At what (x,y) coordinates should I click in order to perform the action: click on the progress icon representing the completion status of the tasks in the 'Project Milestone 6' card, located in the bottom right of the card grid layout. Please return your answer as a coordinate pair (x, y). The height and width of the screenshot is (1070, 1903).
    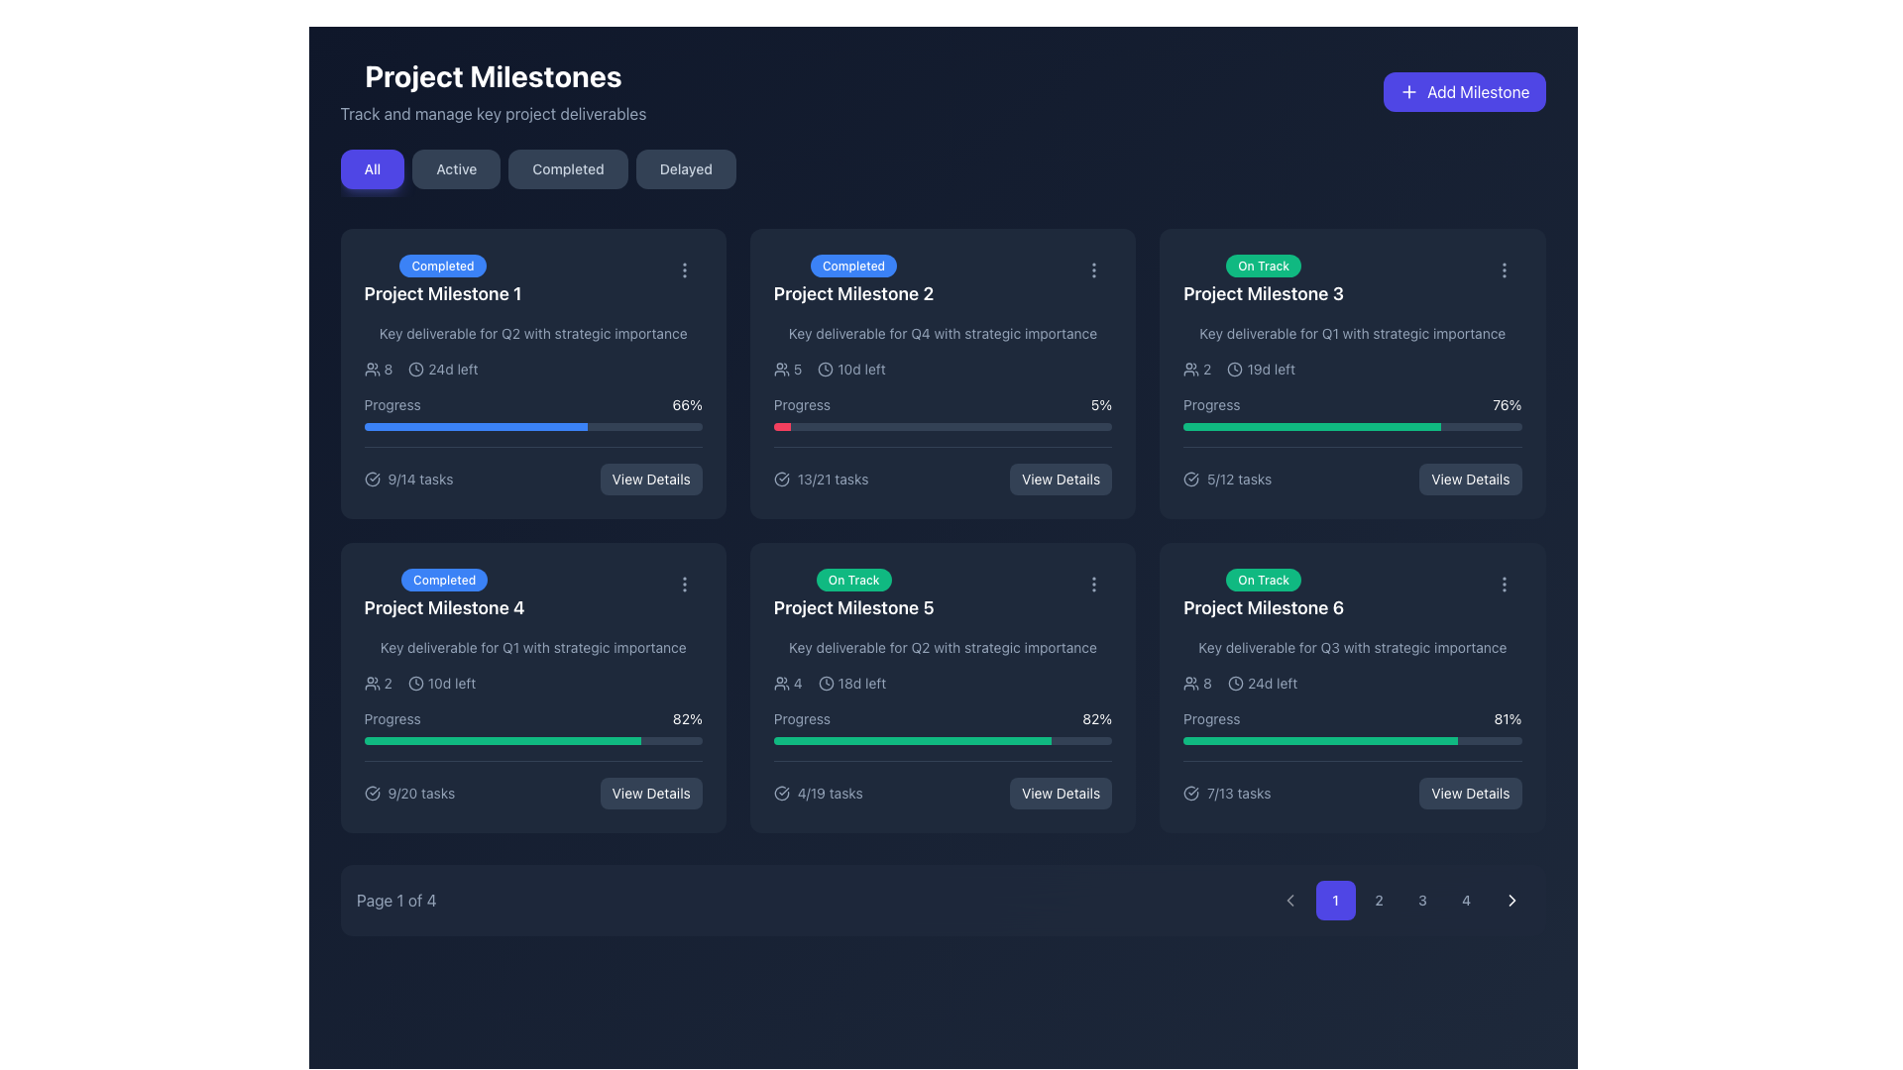
    Looking at the image, I should click on (1190, 793).